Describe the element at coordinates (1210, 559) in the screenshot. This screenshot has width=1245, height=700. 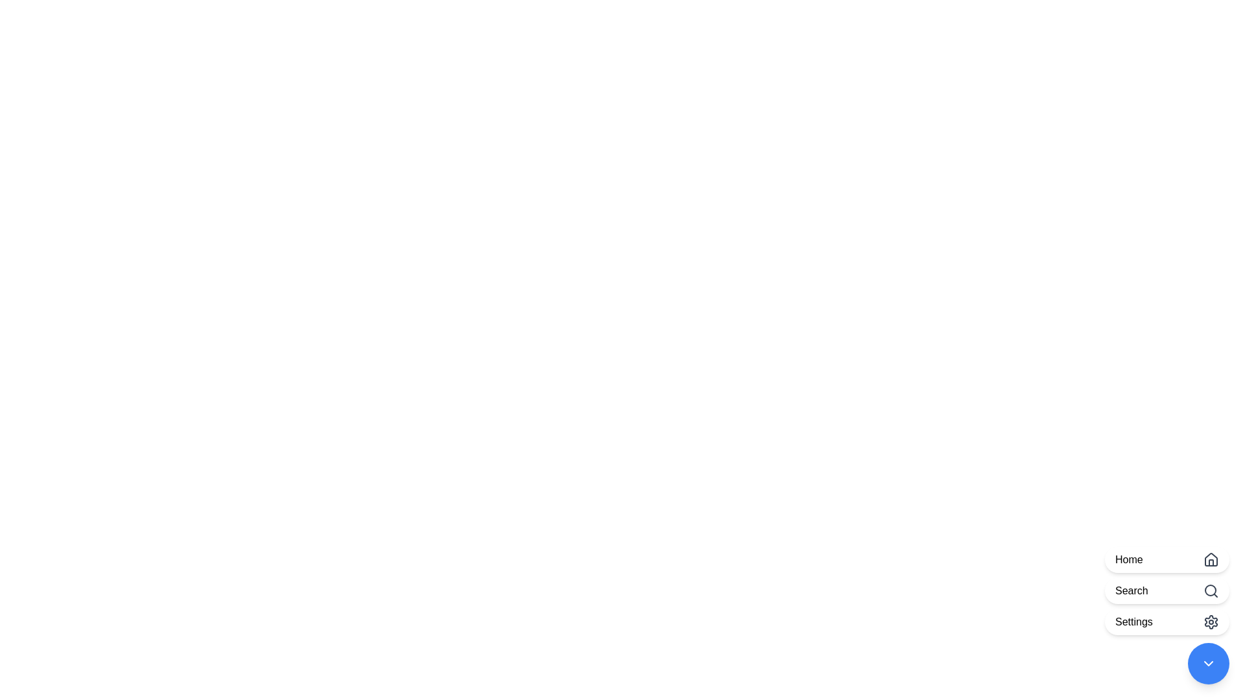
I see `the minimalist house icon with a gray outline located to the right of the 'Home' text label` at that location.